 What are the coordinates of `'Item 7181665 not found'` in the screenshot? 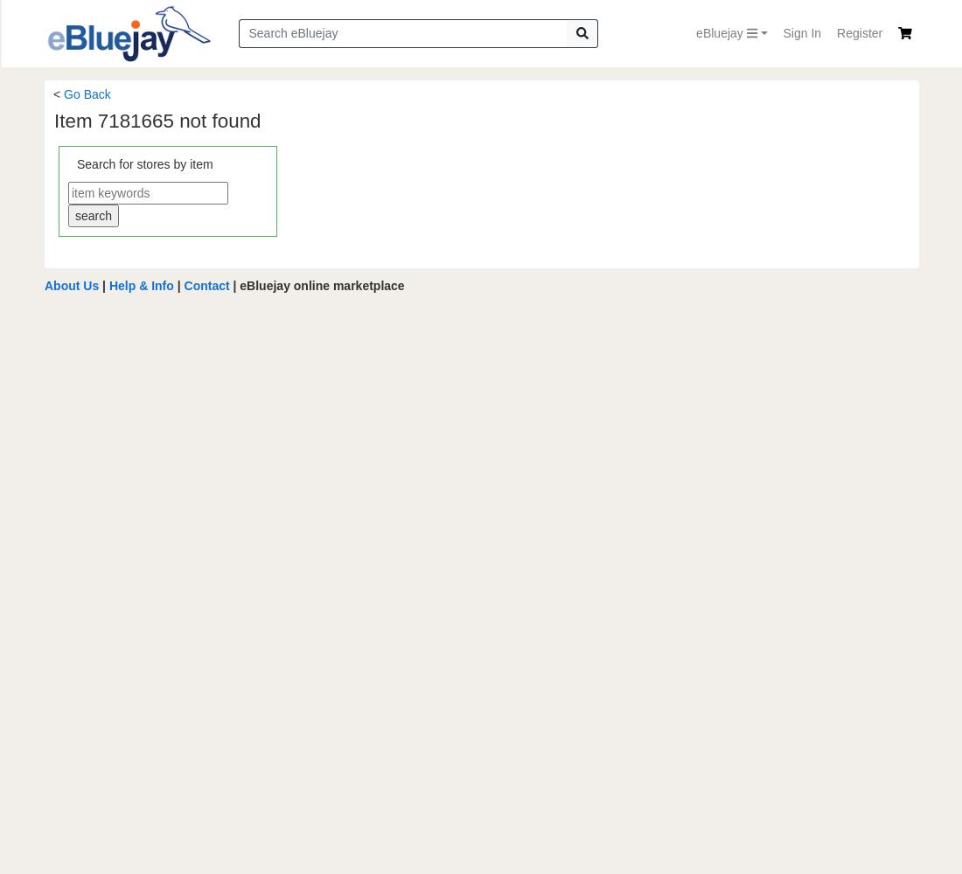 It's located at (156, 120).